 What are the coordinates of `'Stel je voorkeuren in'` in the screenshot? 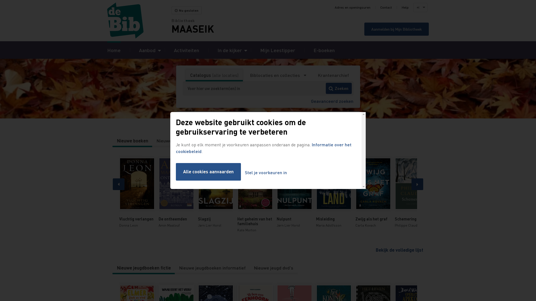 It's located at (245, 172).